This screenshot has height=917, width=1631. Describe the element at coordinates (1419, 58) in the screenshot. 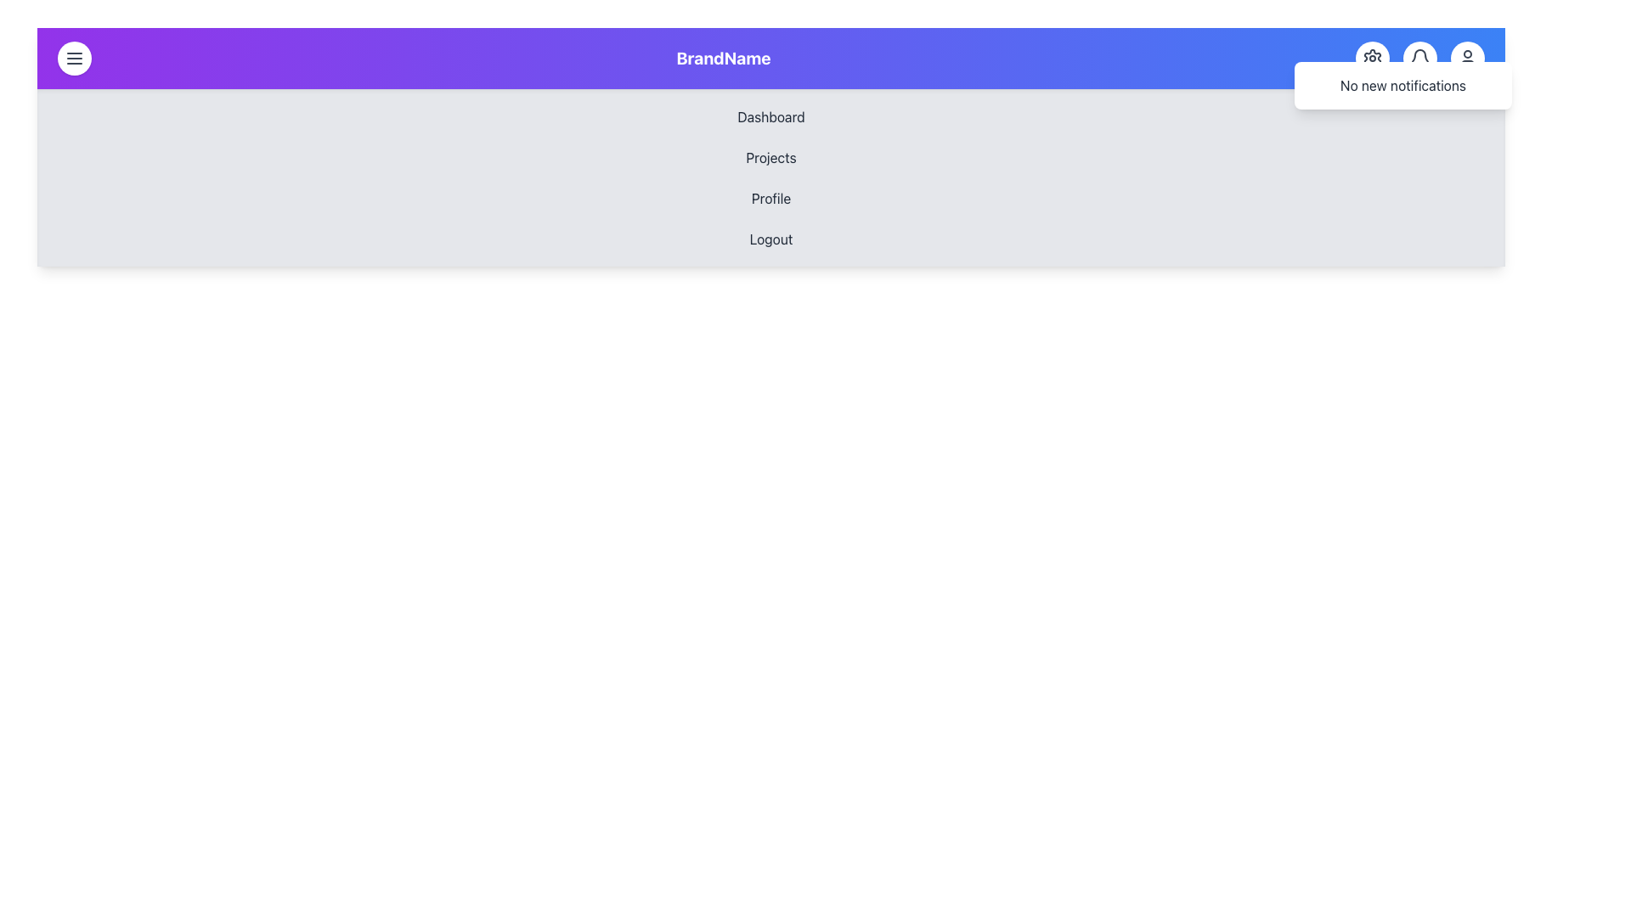

I see `the bell-shaped icon button in the top-right corner of the toolbar` at that location.